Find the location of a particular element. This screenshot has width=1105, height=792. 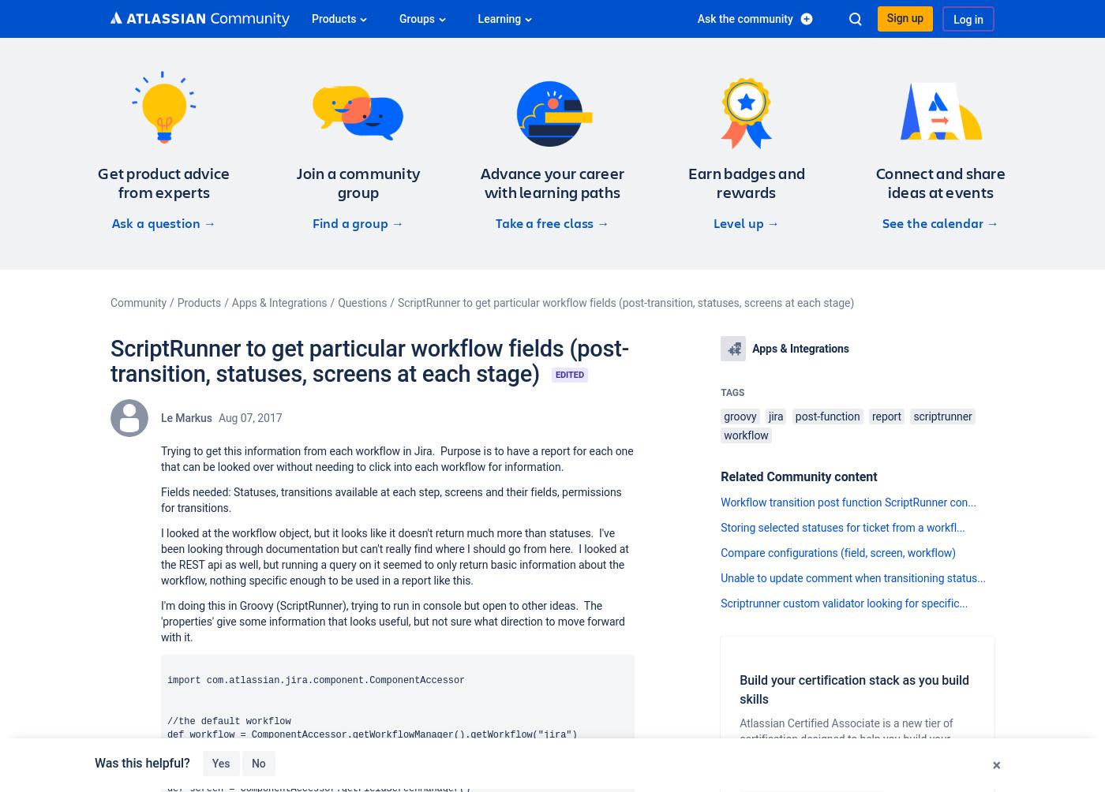

'Thanks!' is located at coordinates (271, 761).